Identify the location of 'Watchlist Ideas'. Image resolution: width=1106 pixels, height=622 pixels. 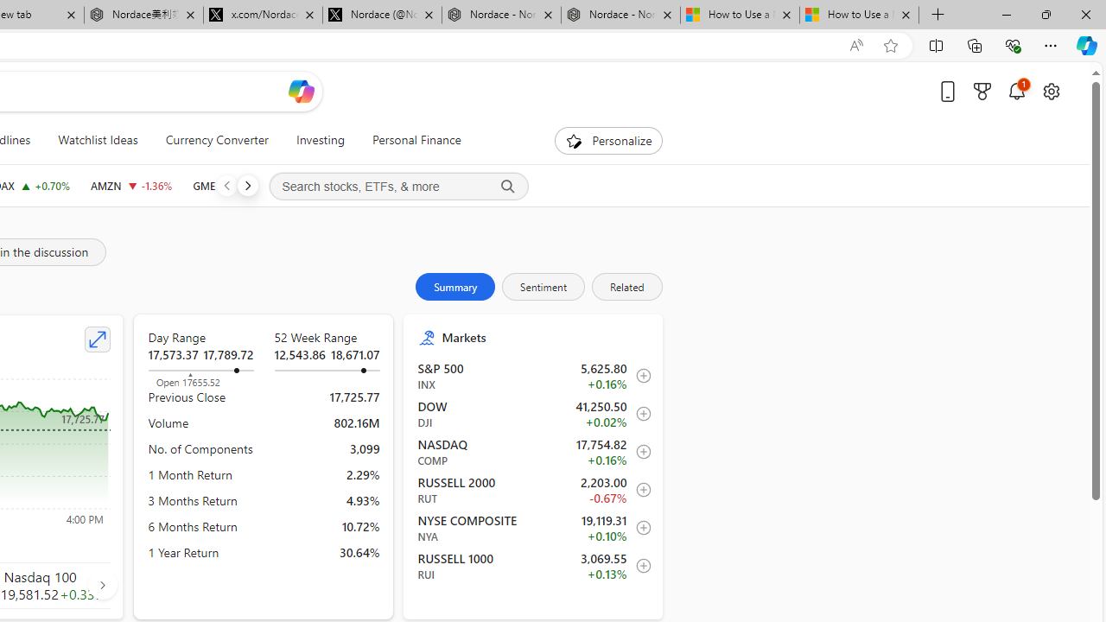
(97, 140).